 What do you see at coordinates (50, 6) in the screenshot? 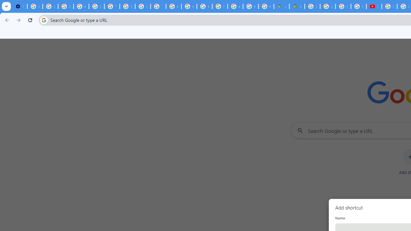
I see `'Learn how to find your photos - Google Photos Help'` at bounding box center [50, 6].